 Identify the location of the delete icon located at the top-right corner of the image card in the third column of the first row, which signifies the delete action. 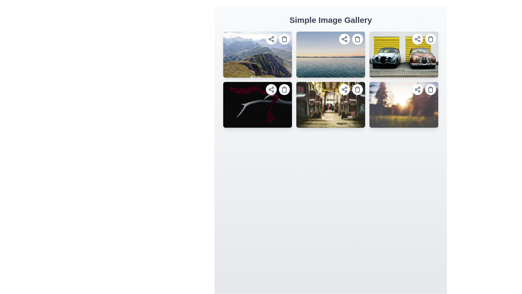
(430, 39).